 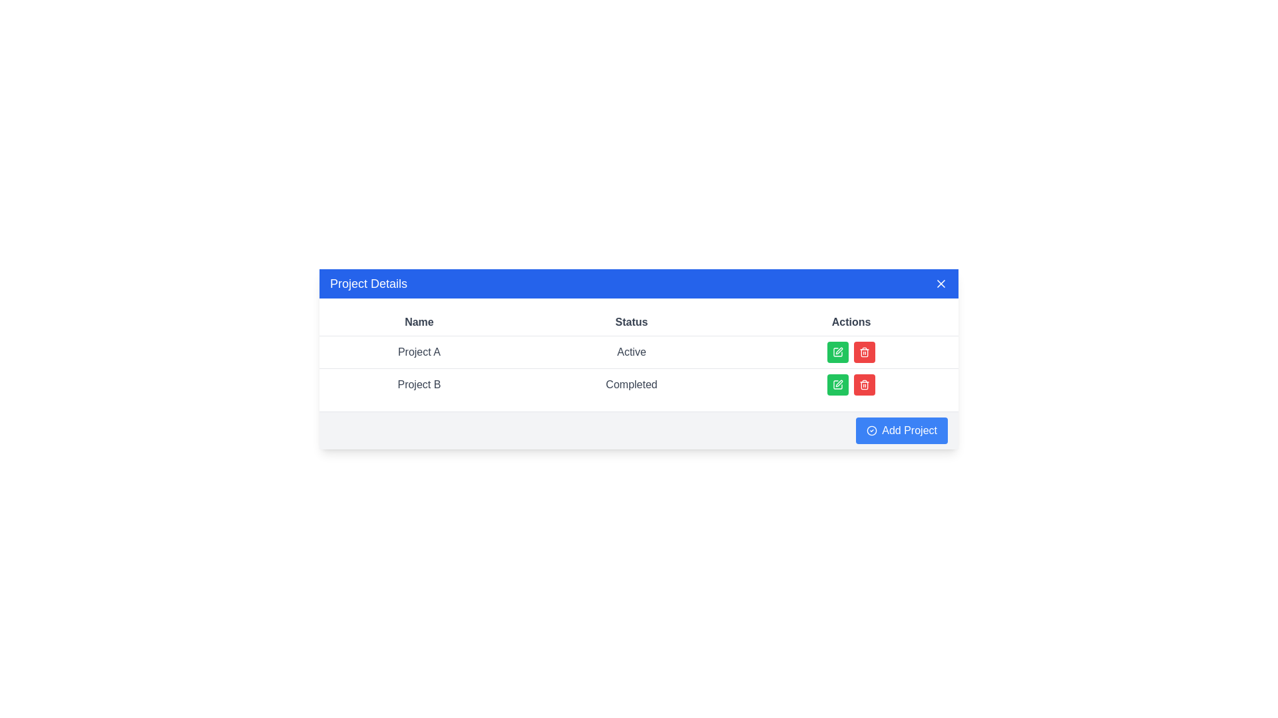 I want to click on the red trash can icon located under the 'Actions' column of the 'Project A' row in the 'Project Details' modal, so click(x=865, y=351).